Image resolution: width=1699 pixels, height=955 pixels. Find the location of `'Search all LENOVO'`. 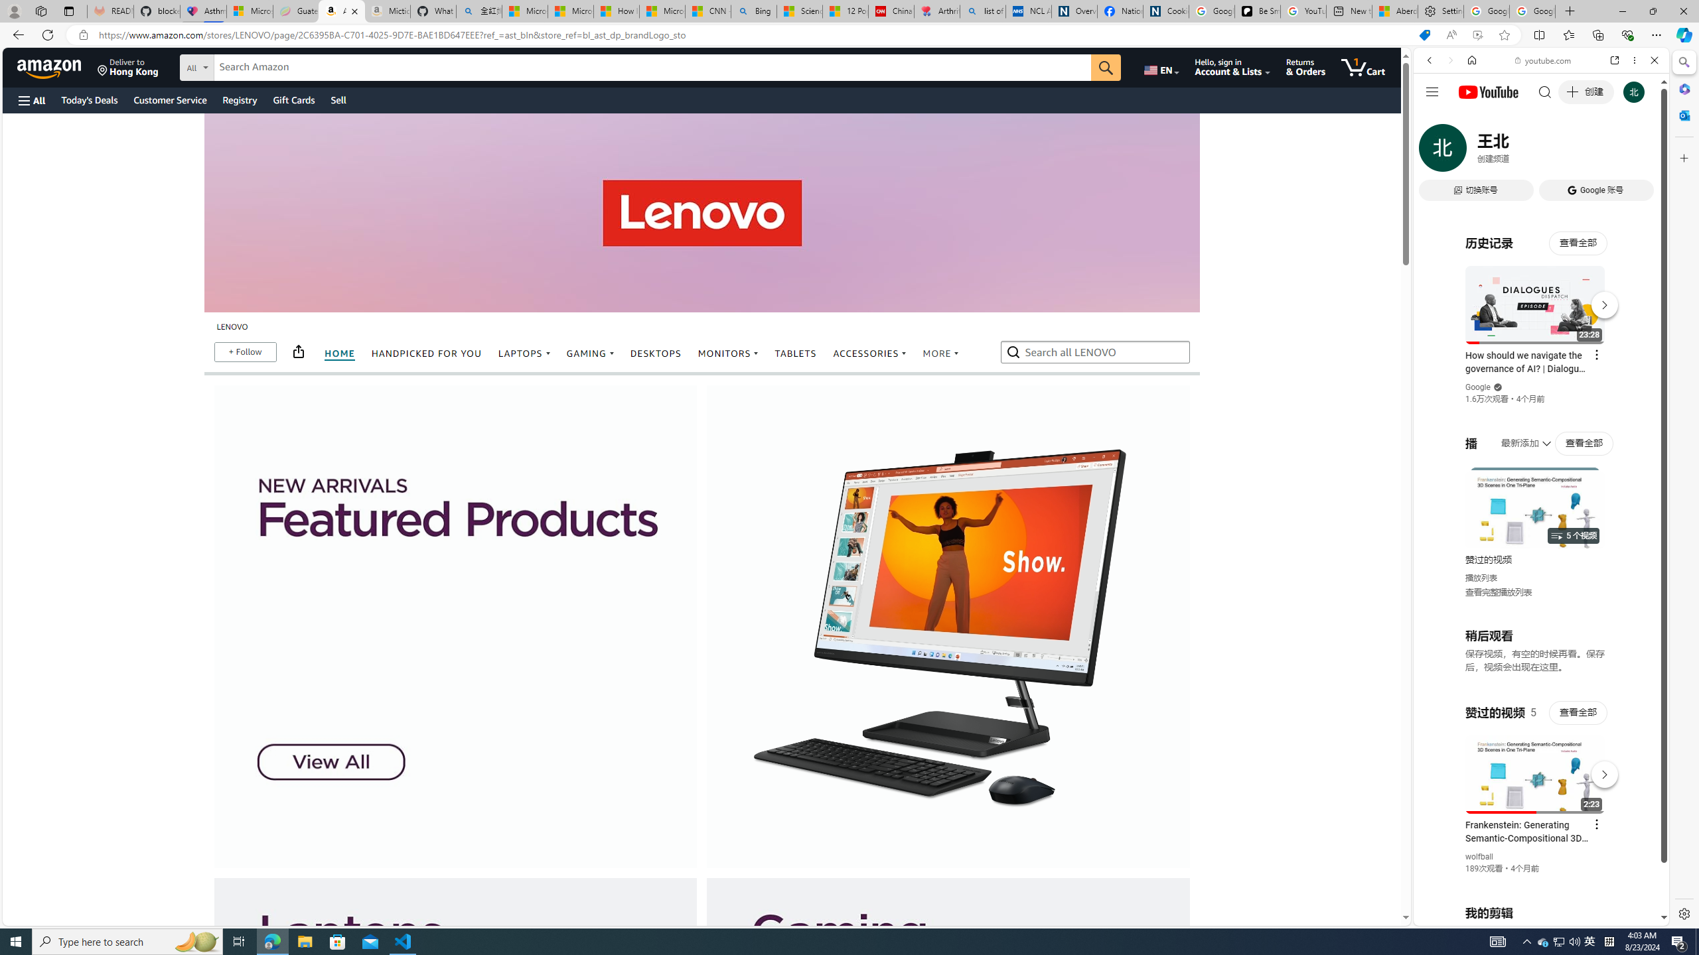

'Search all LENOVO' is located at coordinates (1096, 351).